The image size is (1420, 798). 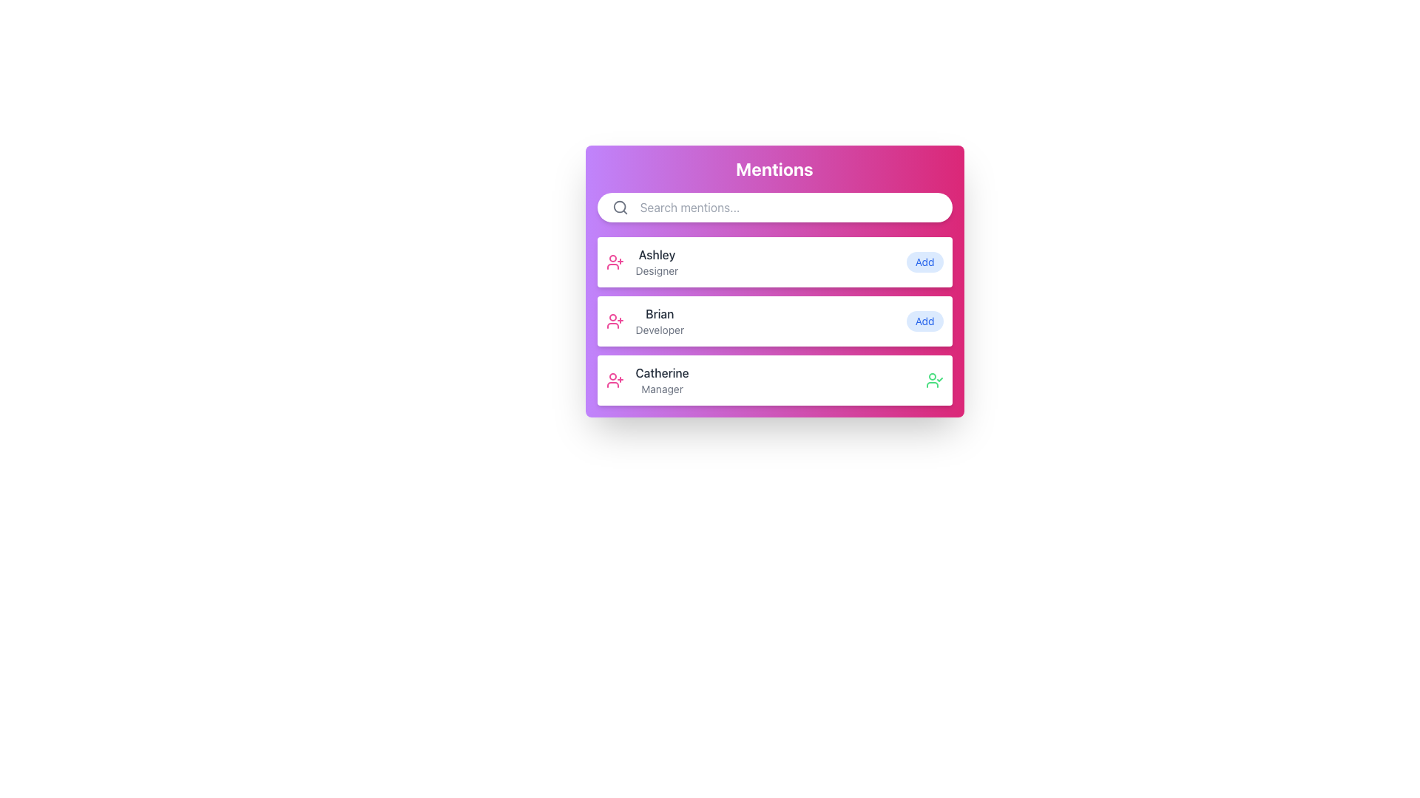 What do you see at coordinates (656, 261) in the screenshot?
I see `the Text label identifying the user named Ashley, who is designated as Designer` at bounding box center [656, 261].